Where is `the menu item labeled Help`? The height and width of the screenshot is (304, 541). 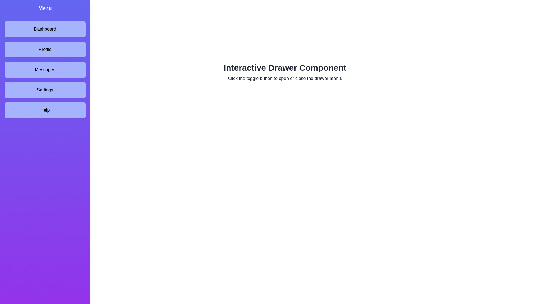
the menu item labeled Help is located at coordinates (45, 110).